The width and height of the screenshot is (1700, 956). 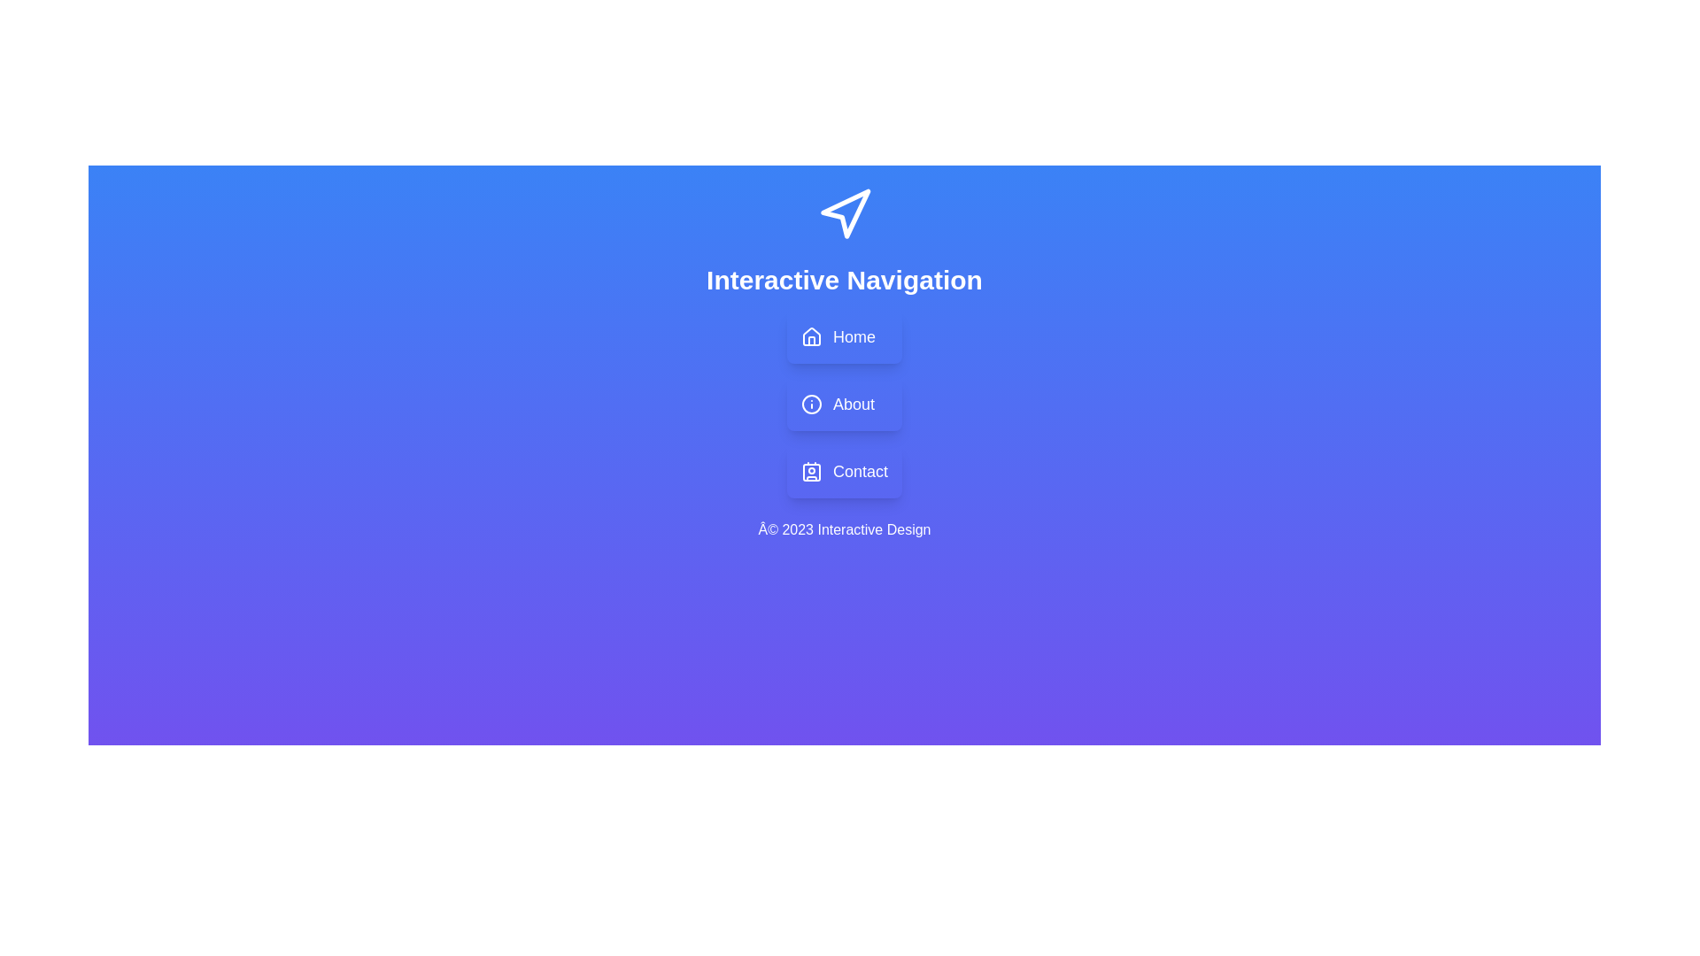 What do you see at coordinates (844, 470) in the screenshot?
I see `the blue 'Contact' button with rounded edges that contains a calendar icon and is positioned at the bottom of the button group` at bounding box center [844, 470].